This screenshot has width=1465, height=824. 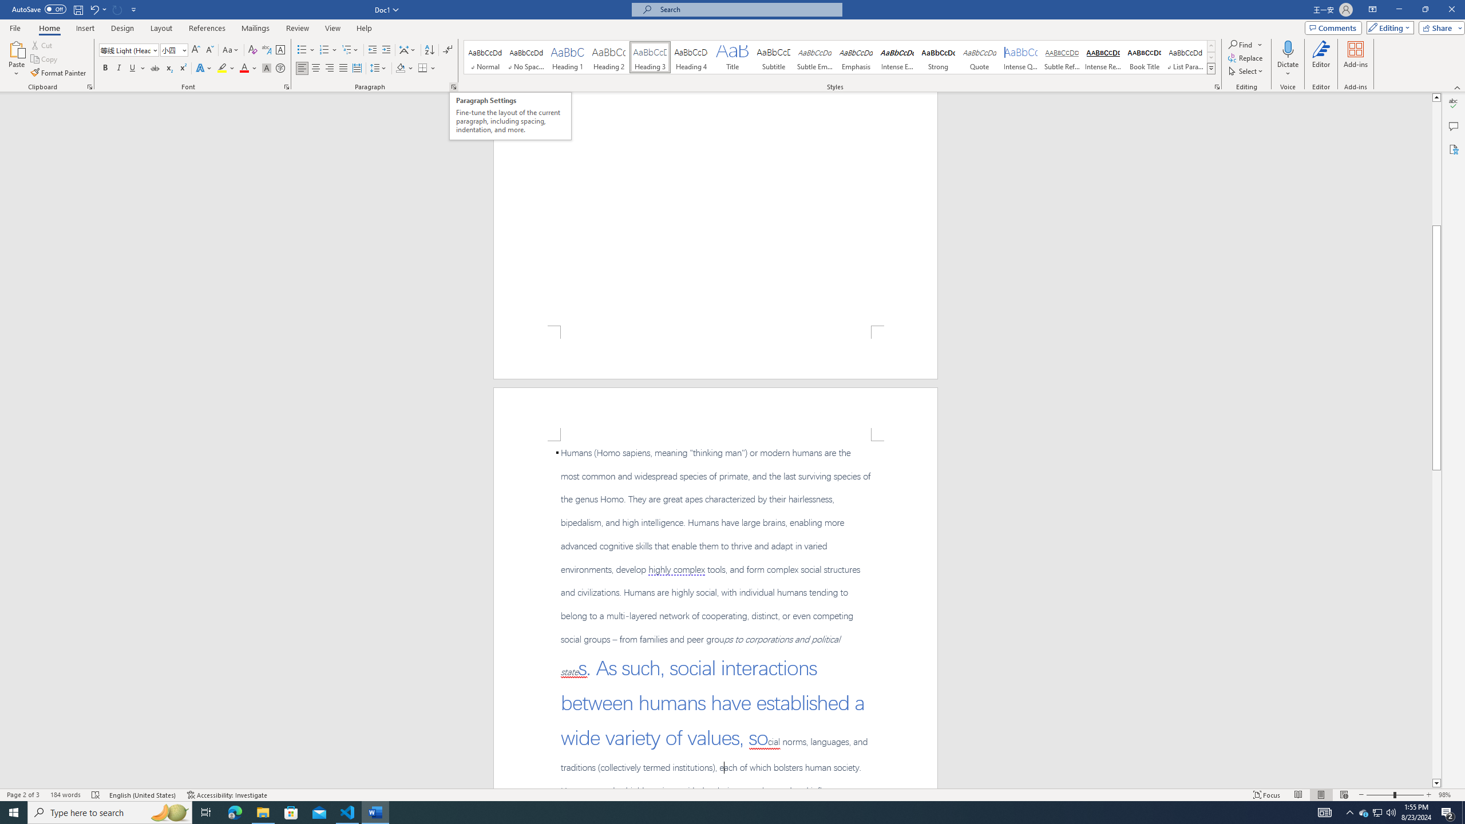 What do you see at coordinates (650, 57) in the screenshot?
I see `'Heading 3'` at bounding box center [650, 57].